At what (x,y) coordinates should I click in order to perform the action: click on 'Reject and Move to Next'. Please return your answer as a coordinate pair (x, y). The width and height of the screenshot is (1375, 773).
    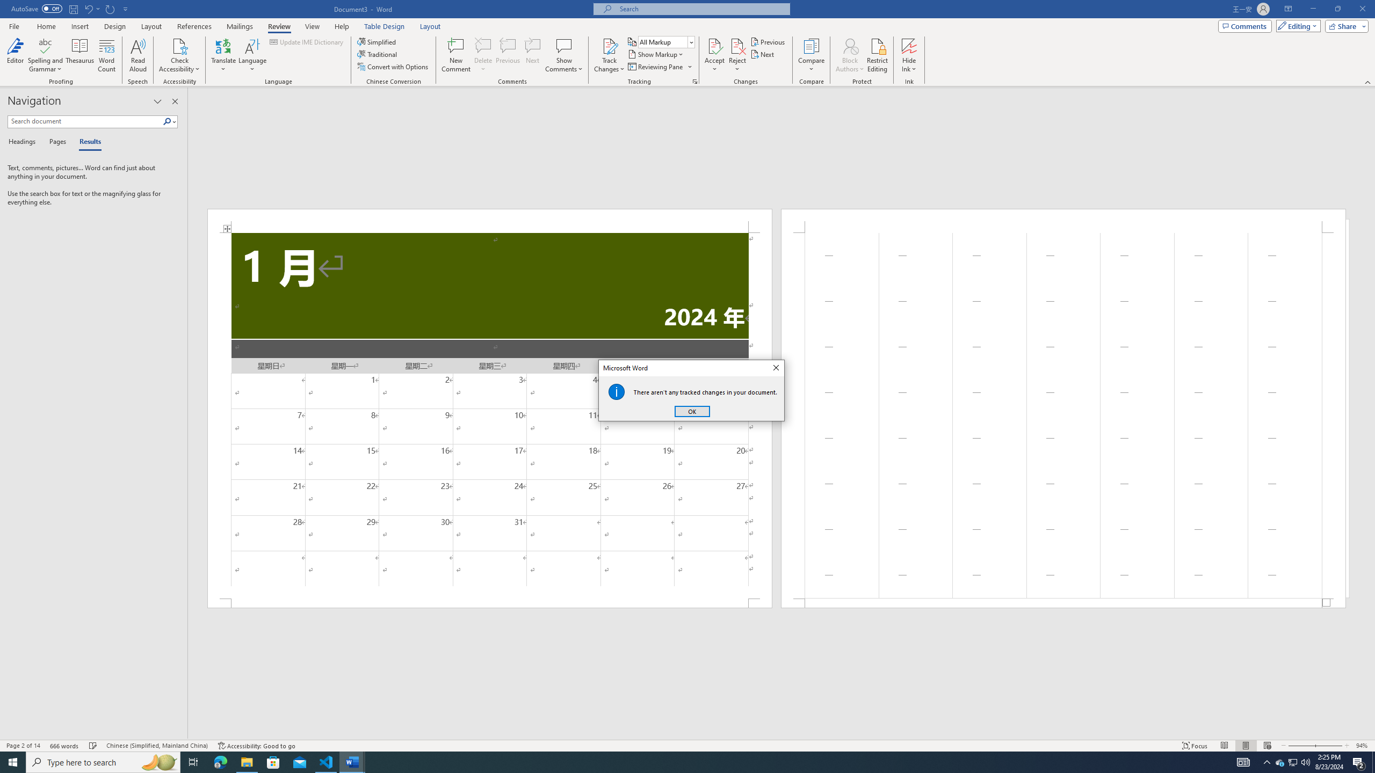
    Looking at the image, I should click on (737, 45).